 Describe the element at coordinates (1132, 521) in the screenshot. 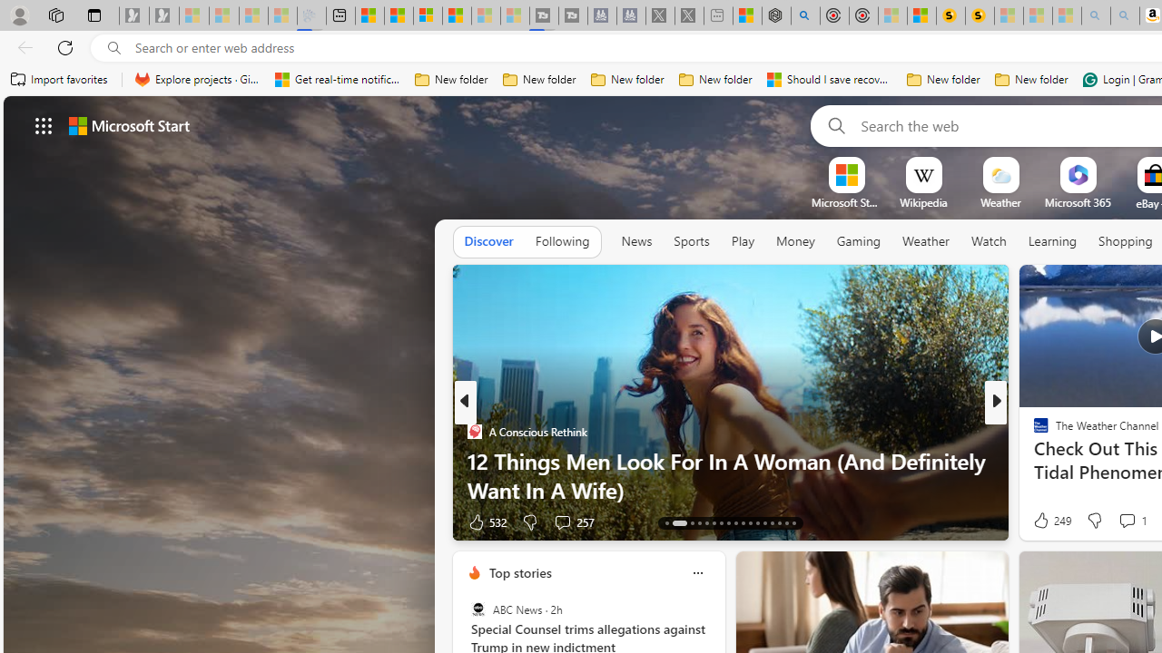

I see `'View comments 366 Comment'` at that location.